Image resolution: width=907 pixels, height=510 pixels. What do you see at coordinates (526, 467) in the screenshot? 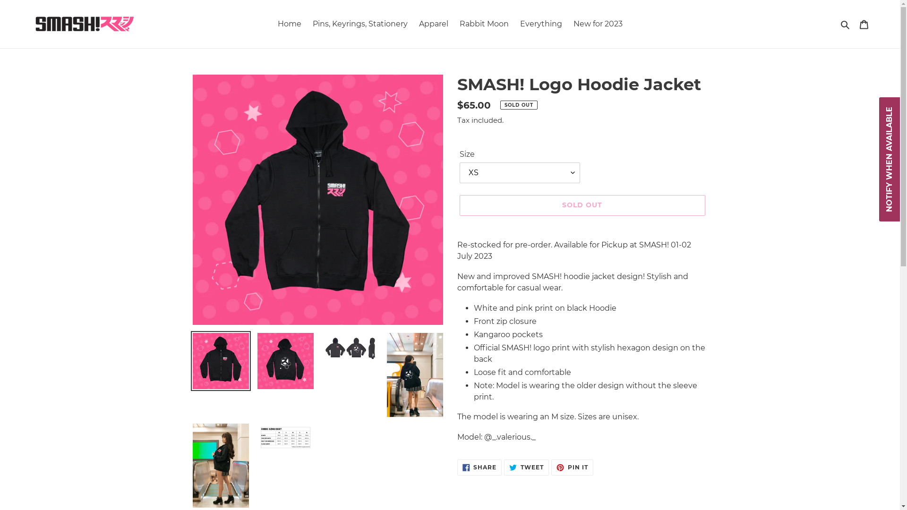
I see `'TWEET` at bounding box center [526, 467].